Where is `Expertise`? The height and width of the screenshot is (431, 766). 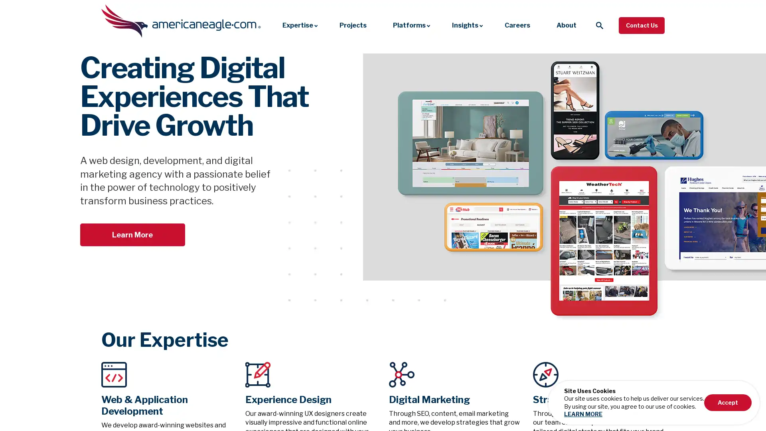
Expertise is located at coordinates (297, 25).